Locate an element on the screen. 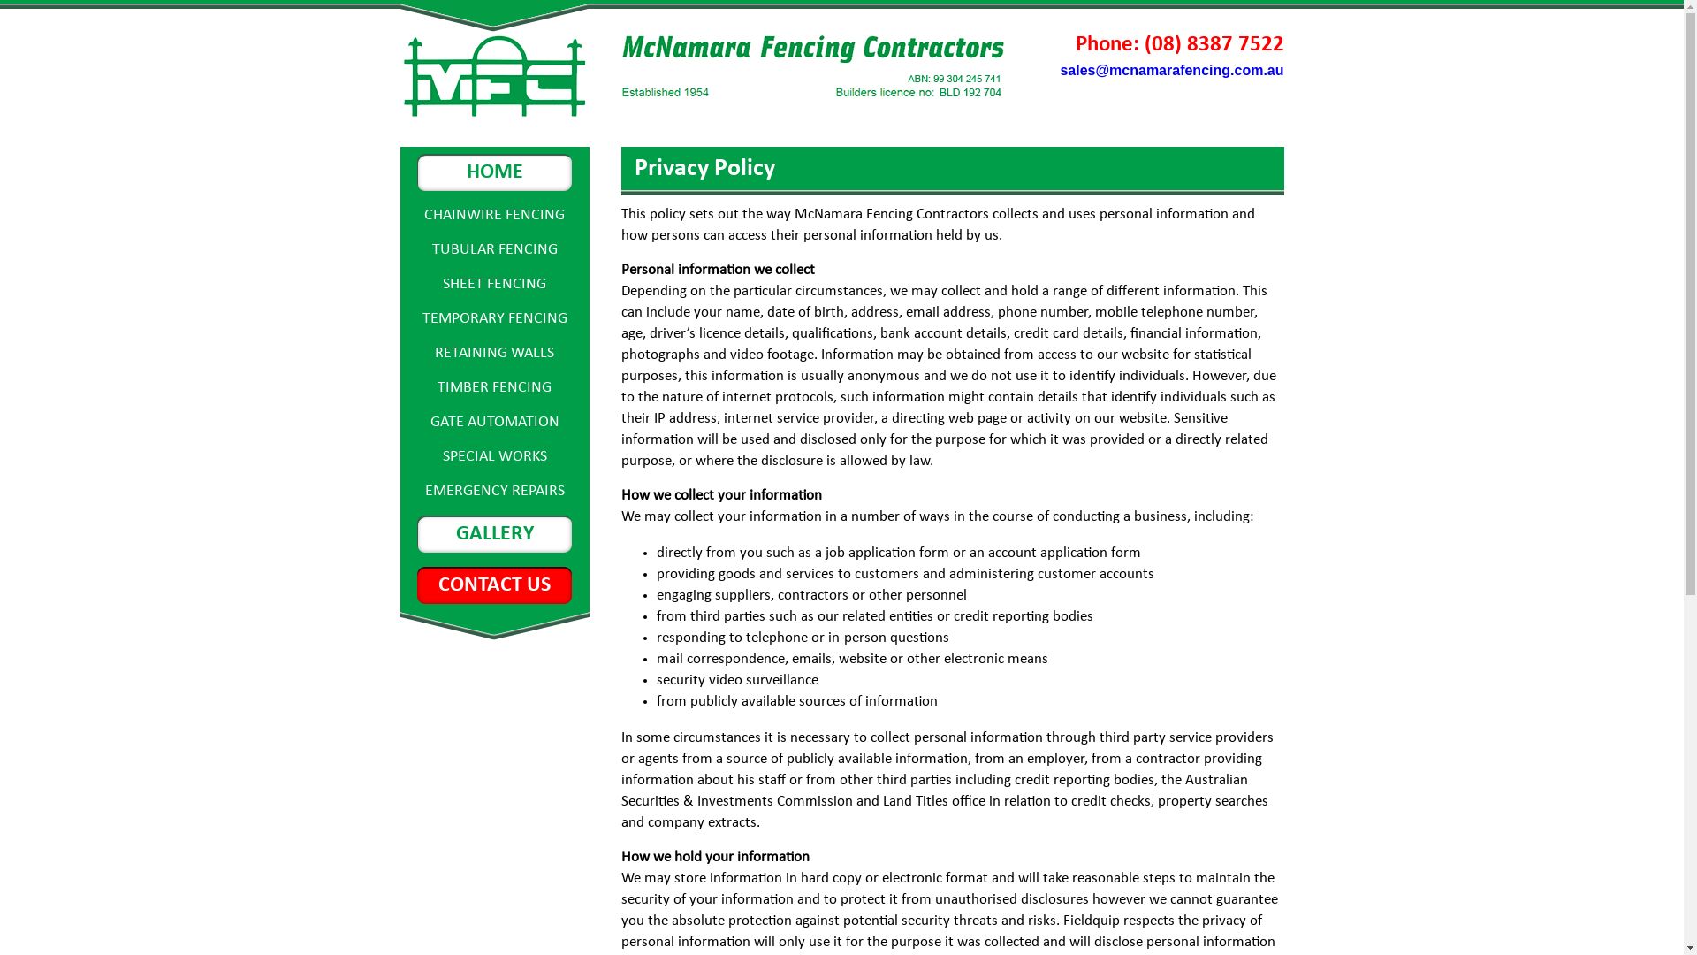 The width and height of the screenshot is (1697, 955). 'CONTACT US' is located at coordinates (415, 585).